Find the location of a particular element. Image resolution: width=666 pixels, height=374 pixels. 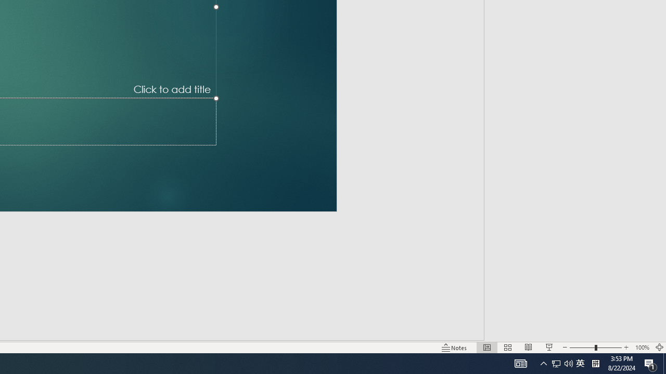

'Zoom to Fit ' is located at coordinates (659, 348).